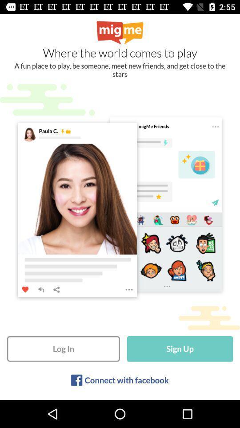 This screenshot has height=428, width=240. What do you see at coordinates (180, 349) in the screenshot?
I see `item next to log in item` at bounding box center [180, 349].